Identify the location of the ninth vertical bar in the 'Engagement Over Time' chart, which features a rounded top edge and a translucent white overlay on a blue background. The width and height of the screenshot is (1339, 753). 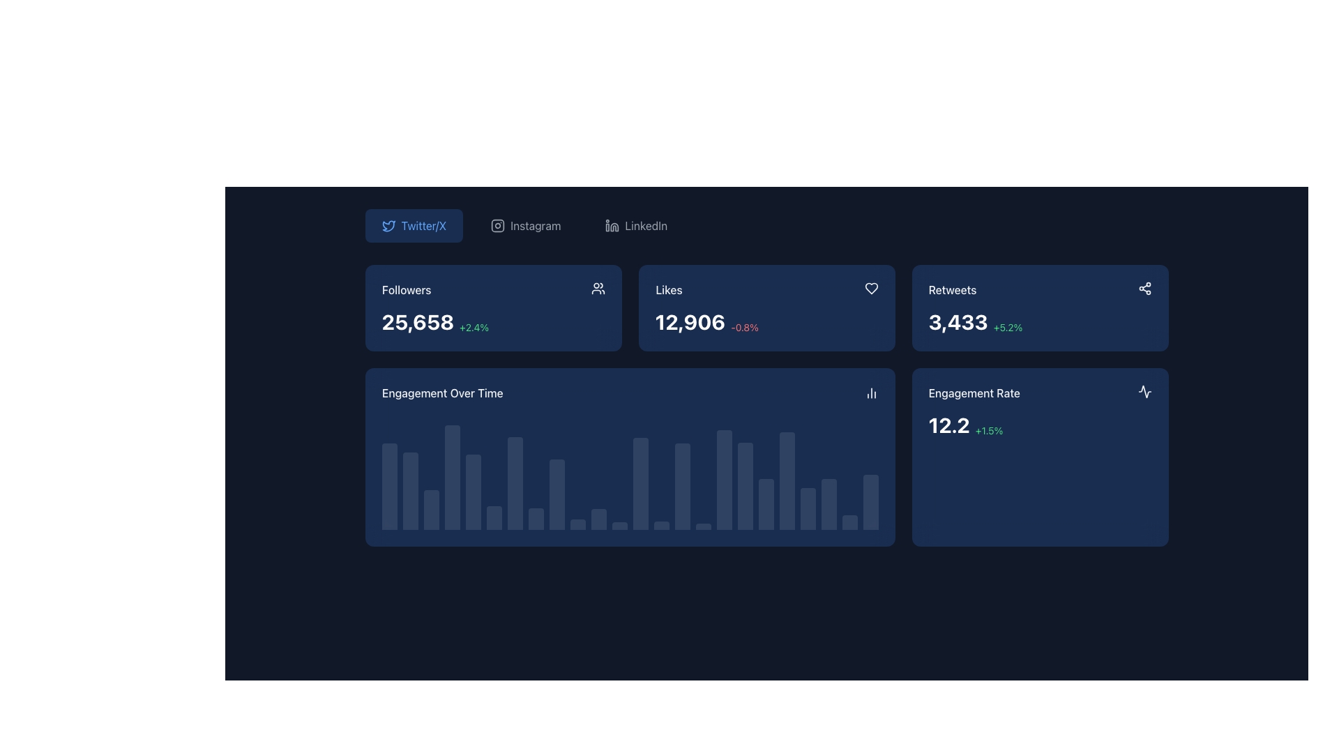
(556, 494).